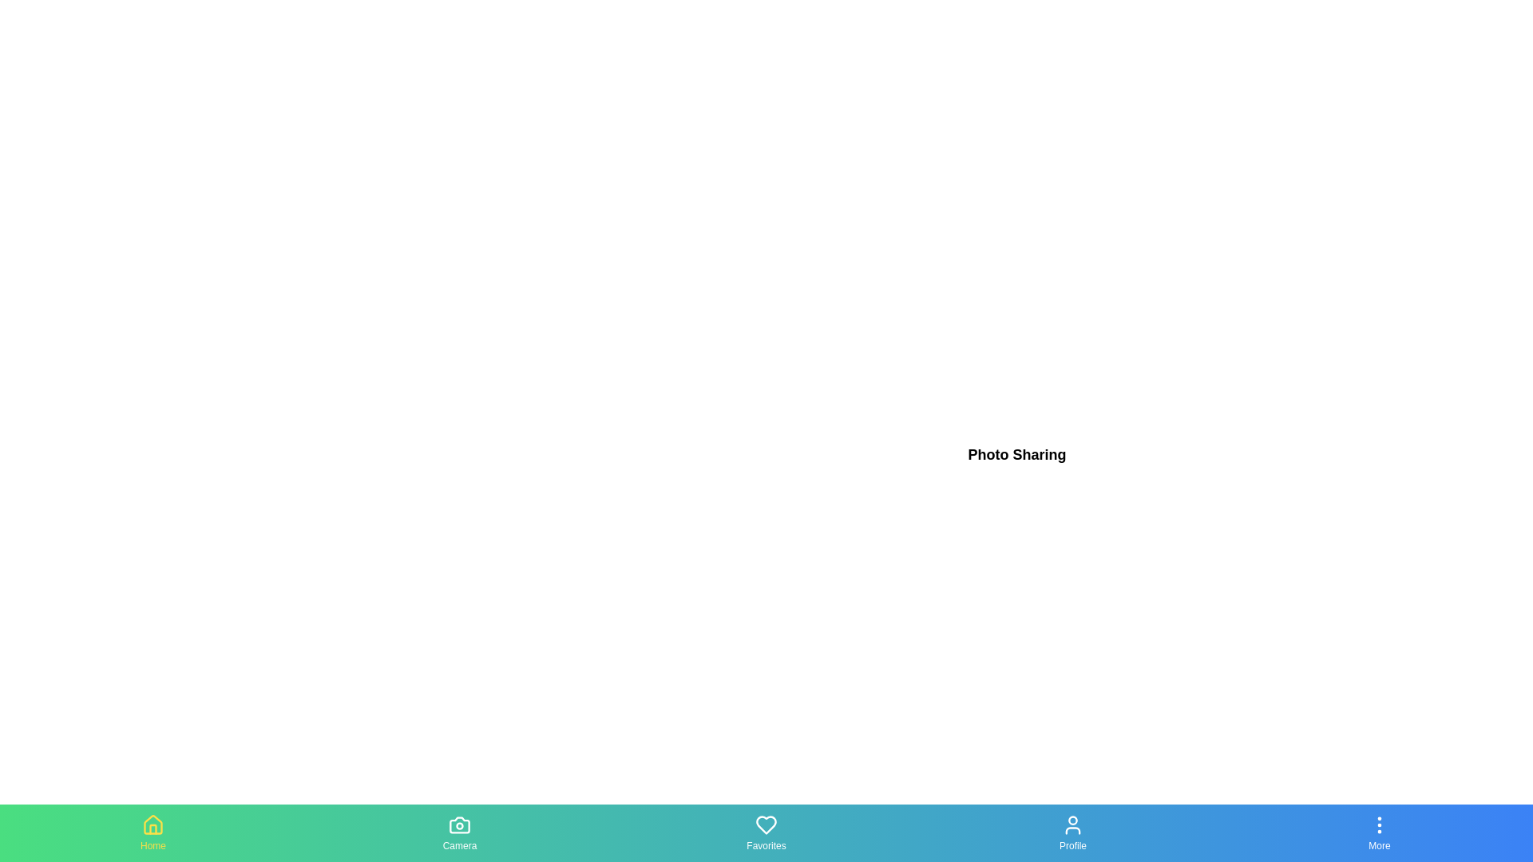 Image resolution: width=1533 pixels, height=862 pixels. I want to click on the Camera navigation icon, so click(459, 832).